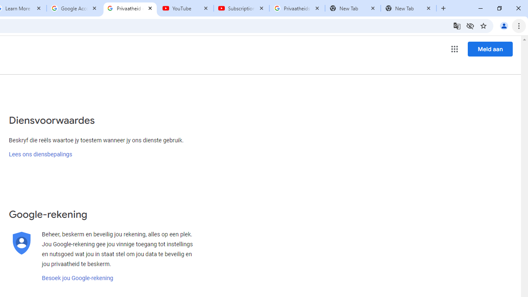  What do you see at coordinates (78, 278) in the screenshot?
I see `'Besoek jou Google-rekening'` at bounding box center [78, 278].